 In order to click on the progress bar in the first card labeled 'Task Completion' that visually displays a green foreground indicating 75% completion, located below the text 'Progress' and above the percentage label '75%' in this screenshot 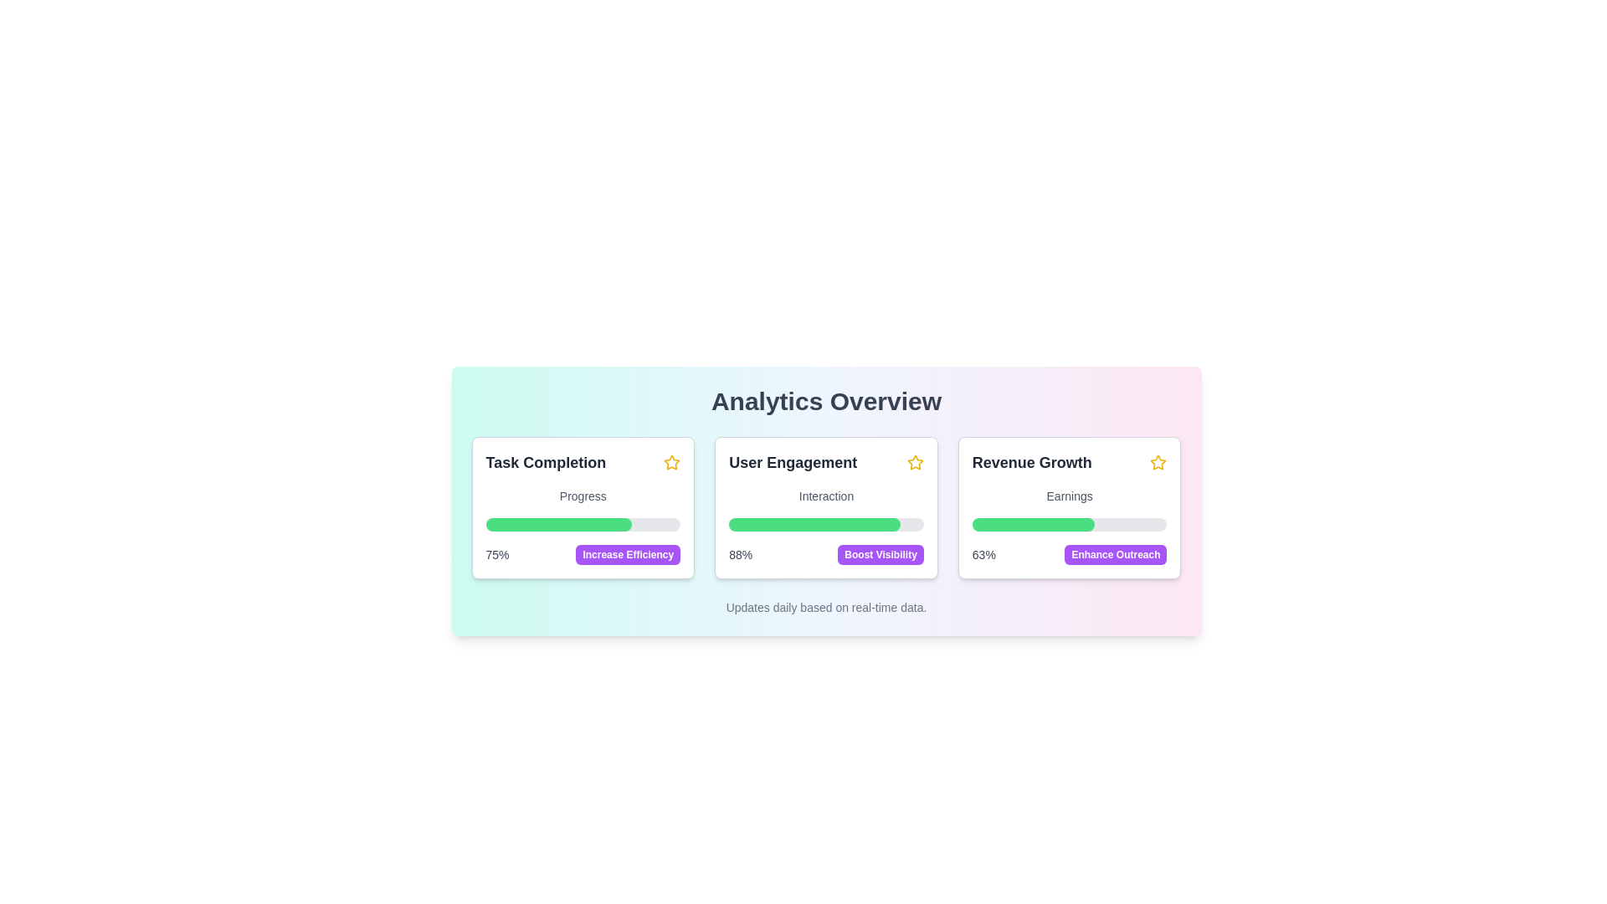, I will do `click(583, 524)`.